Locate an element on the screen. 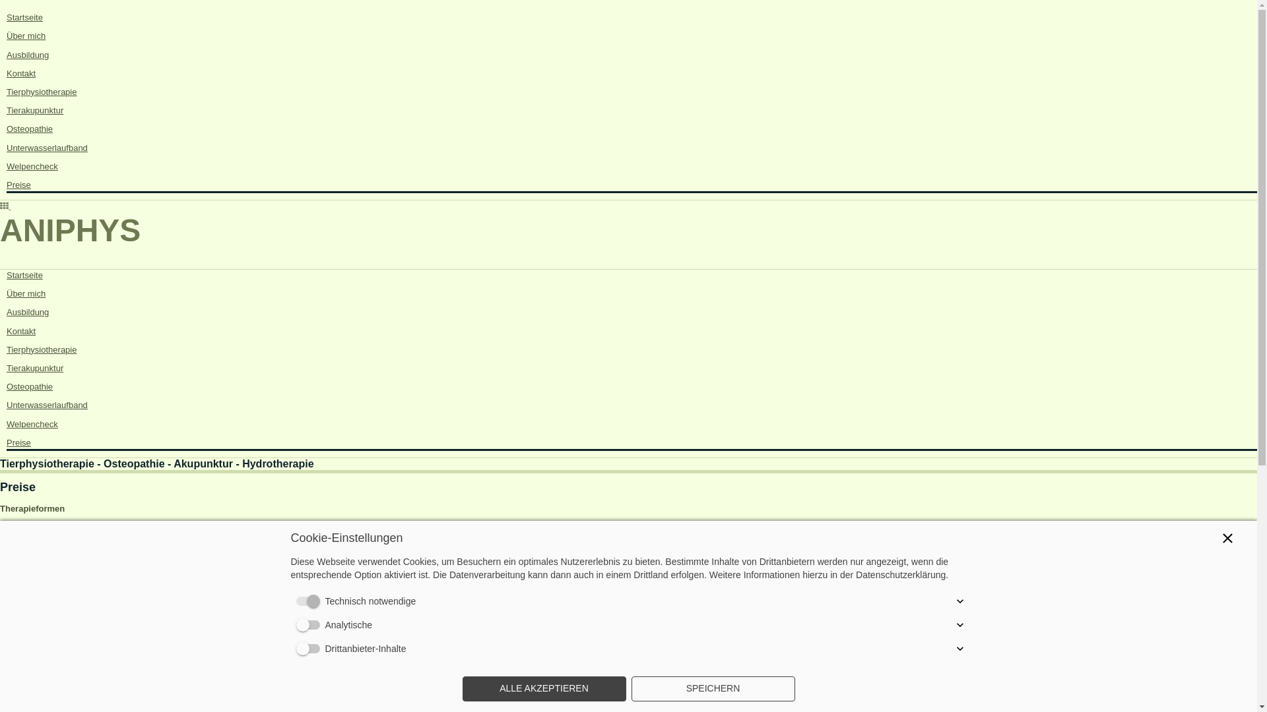 This screenshot has width=1267, height=712. 'Tierphysiotherapie' is located at coordinates (41, 349).